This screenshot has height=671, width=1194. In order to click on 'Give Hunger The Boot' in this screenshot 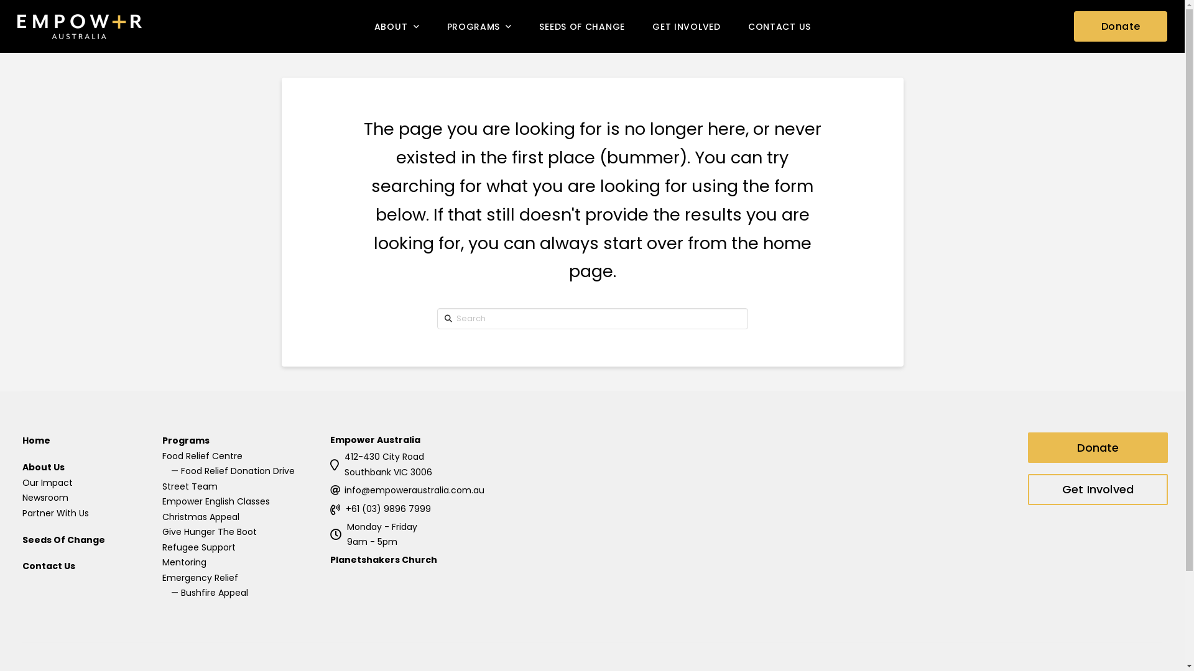, I will do `click(209, 531)`.